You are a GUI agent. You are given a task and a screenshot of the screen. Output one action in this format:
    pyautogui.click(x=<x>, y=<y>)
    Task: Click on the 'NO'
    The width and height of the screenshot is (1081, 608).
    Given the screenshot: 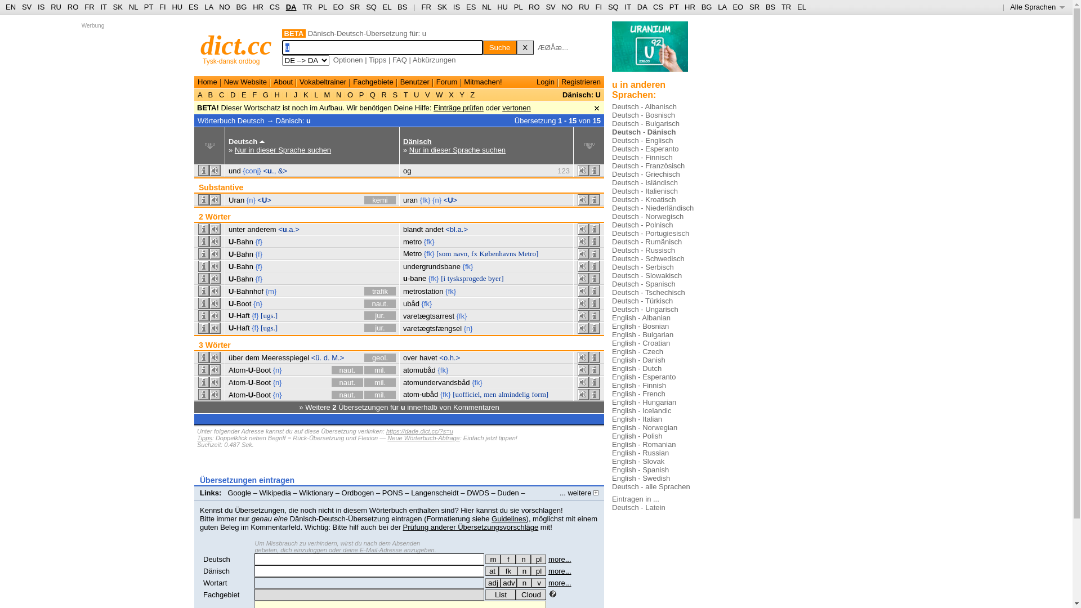 What is the action you would take?
    pyautogui.click(x=224, y=7)
    